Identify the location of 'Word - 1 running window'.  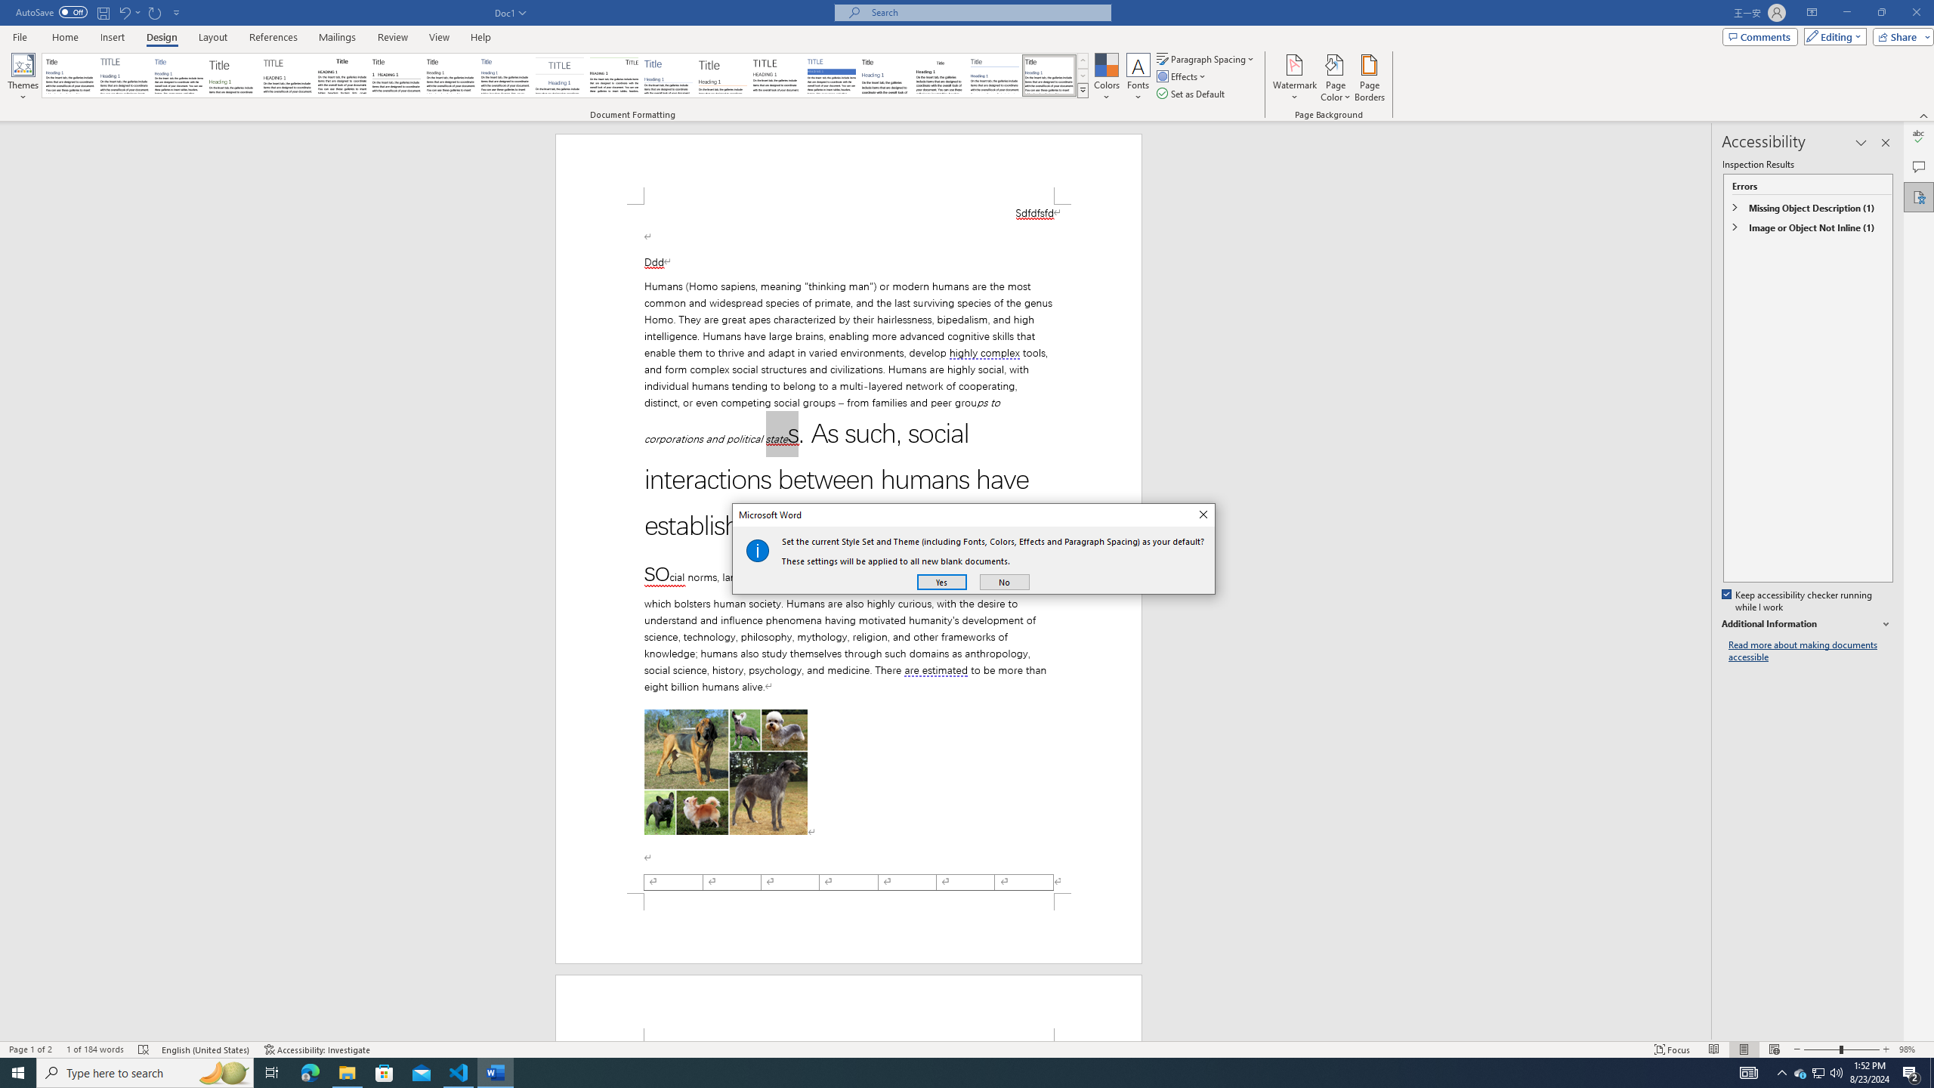
(496, 1071).